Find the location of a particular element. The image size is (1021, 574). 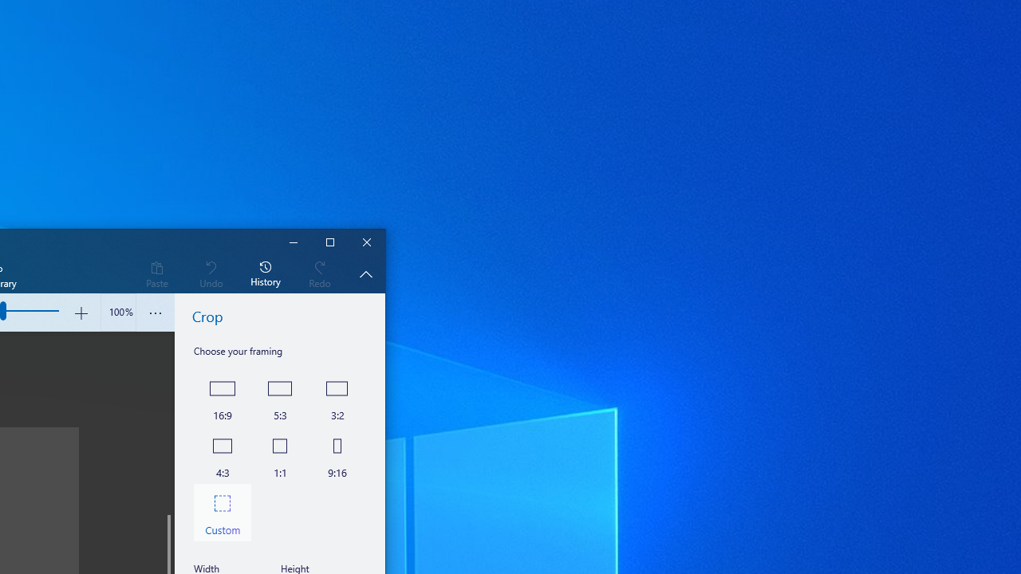

'Zoom slider' is located at coordinates (117, 313).